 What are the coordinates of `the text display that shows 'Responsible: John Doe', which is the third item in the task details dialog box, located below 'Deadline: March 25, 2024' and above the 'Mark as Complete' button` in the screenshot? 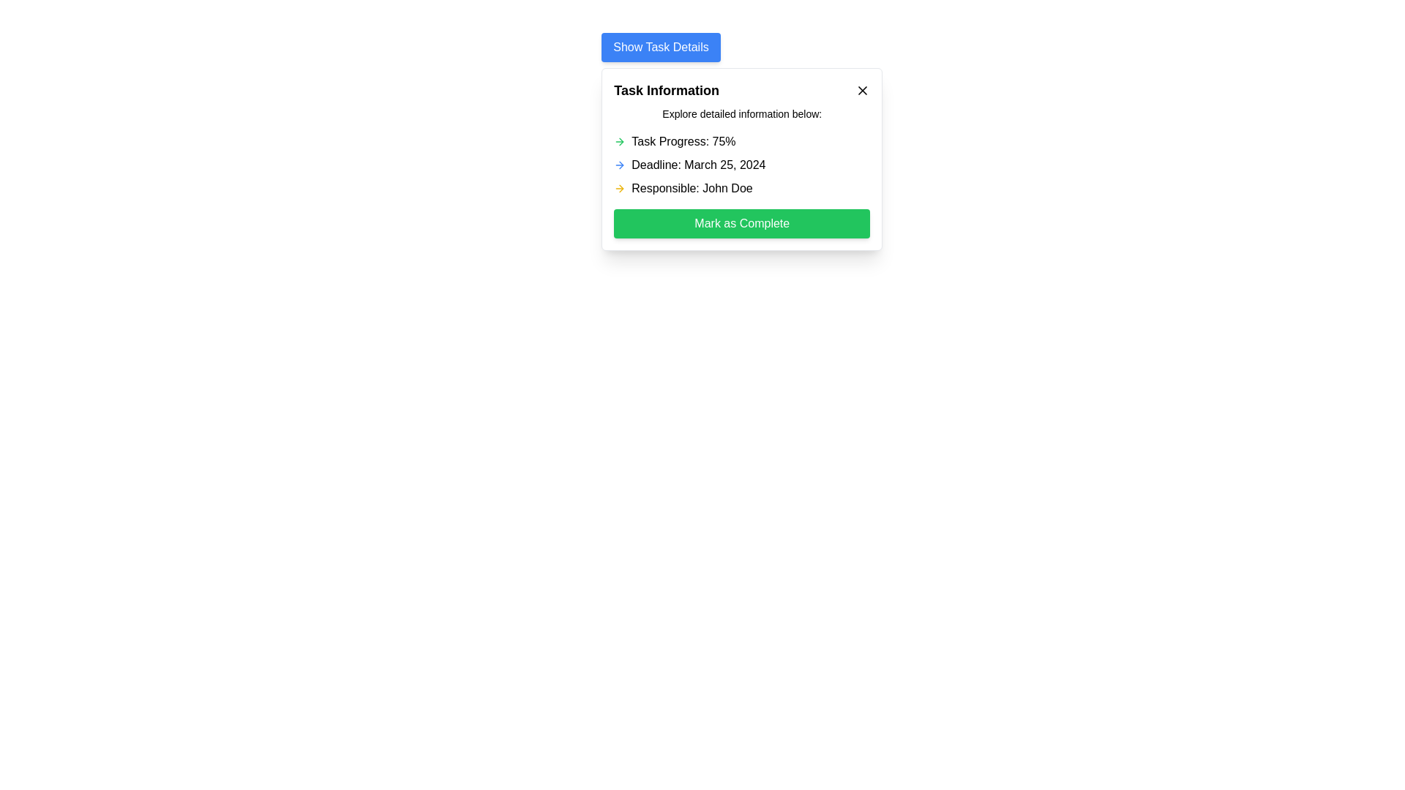 It's located at (691, 188).